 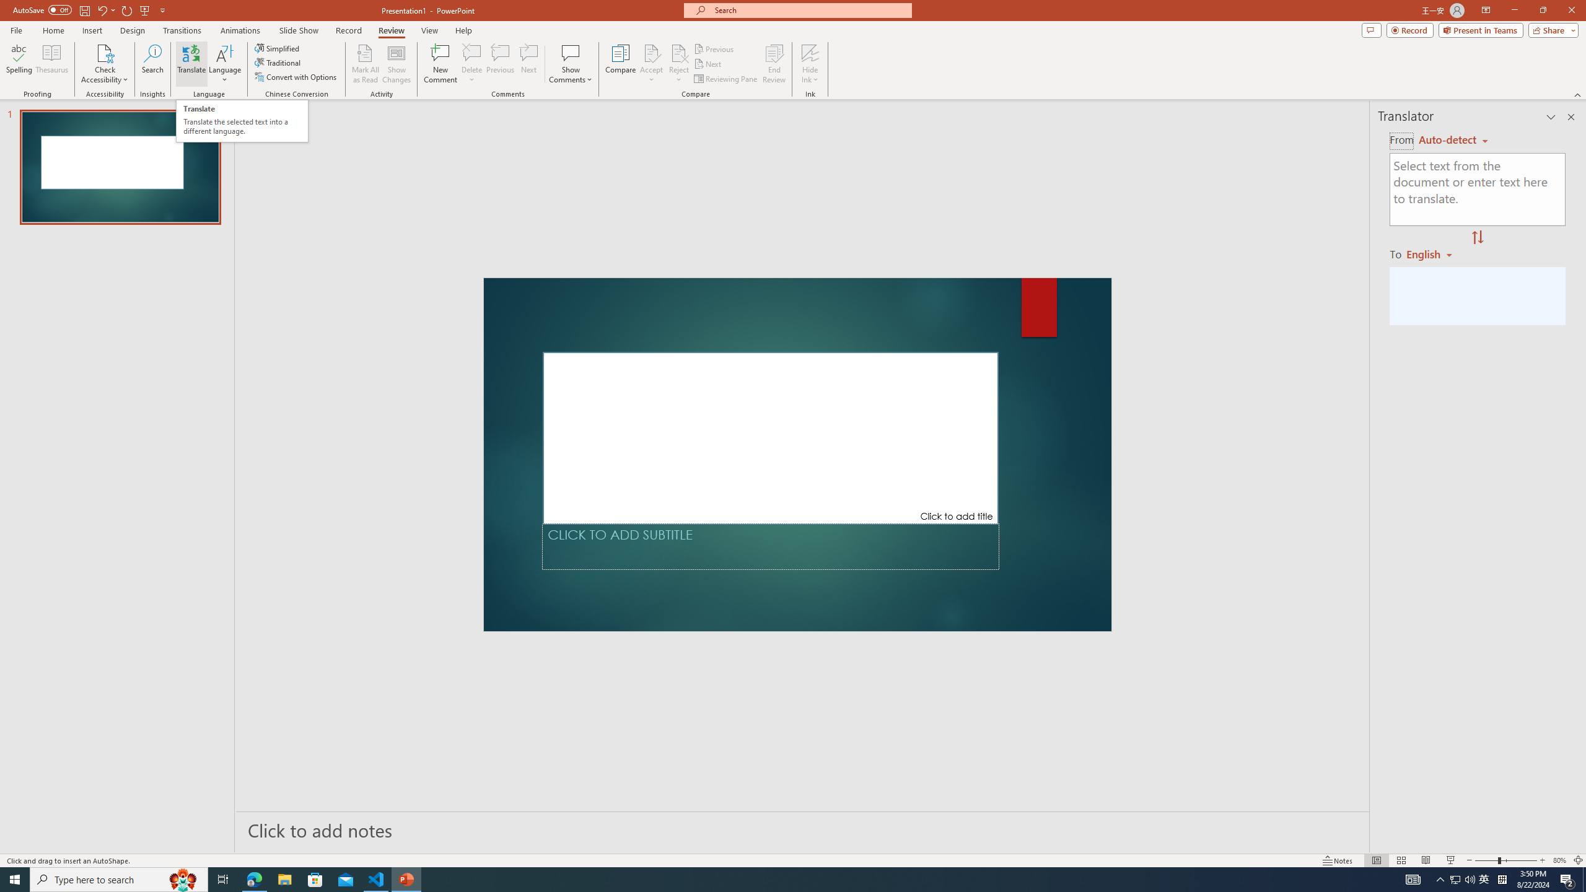 I want to click on 'Traditional', so click(x=278, y=61).